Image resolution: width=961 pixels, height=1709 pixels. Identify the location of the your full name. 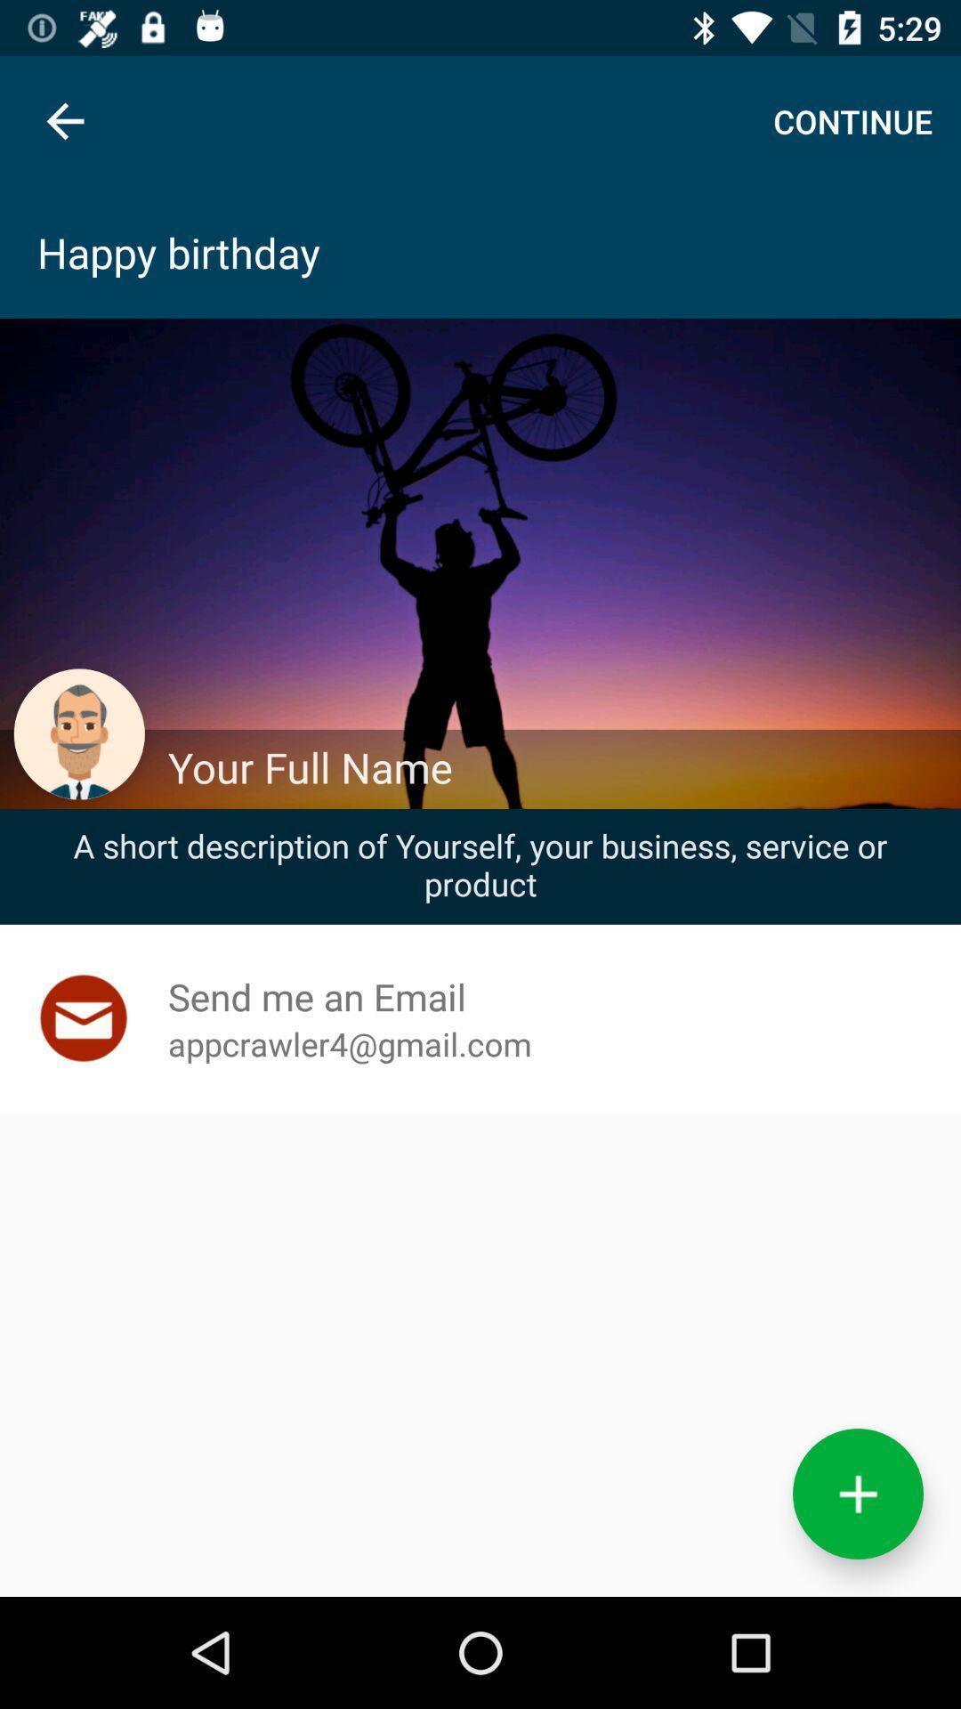
(554, 767).